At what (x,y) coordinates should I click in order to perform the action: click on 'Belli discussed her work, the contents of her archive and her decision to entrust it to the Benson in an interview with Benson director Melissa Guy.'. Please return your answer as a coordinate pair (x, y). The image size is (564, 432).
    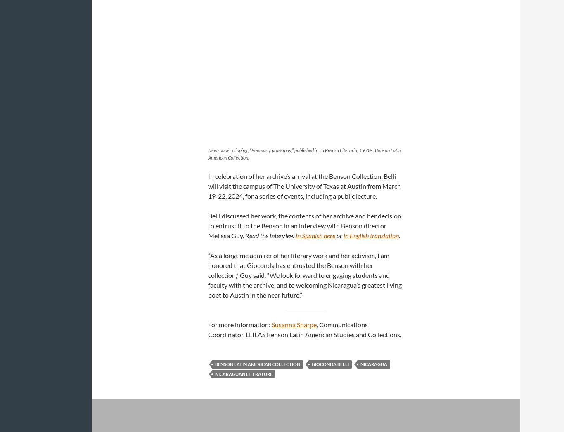
    Looking at the image, I should click on (305, 225).